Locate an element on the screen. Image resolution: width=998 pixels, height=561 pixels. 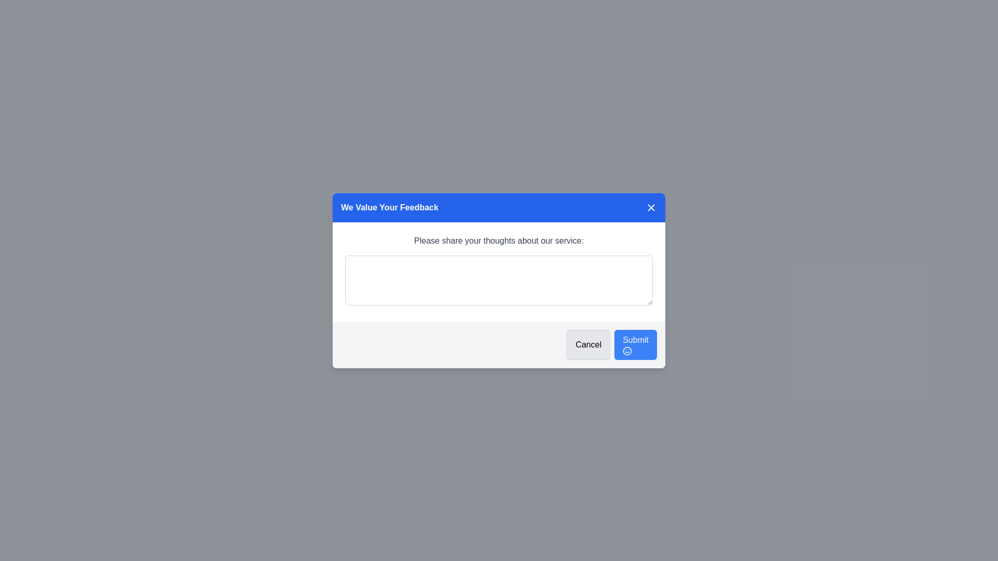
the 'Cancel' button, which is a rectangular button with black text on a light gray background, located in the bottom-right section of the modal dialog is located at coordinates (588, 344).